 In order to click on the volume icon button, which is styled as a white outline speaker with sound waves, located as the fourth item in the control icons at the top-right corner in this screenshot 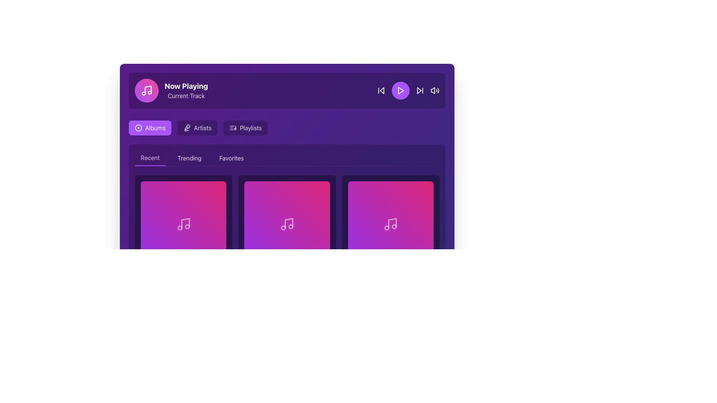, I will do `click(435, 90)`.